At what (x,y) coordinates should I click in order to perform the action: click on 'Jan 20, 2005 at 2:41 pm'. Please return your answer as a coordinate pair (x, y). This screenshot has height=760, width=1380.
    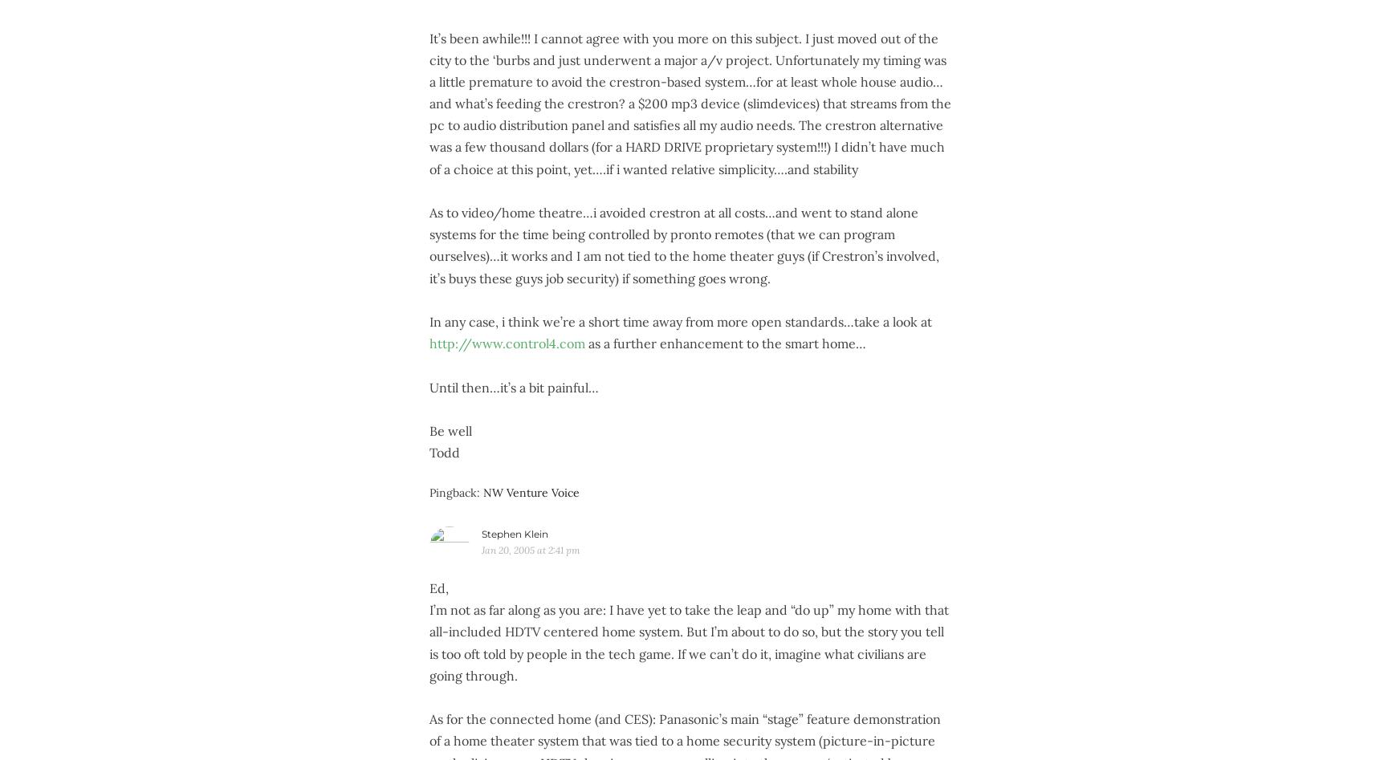
    Looking at the image, I should click on (529, 549).